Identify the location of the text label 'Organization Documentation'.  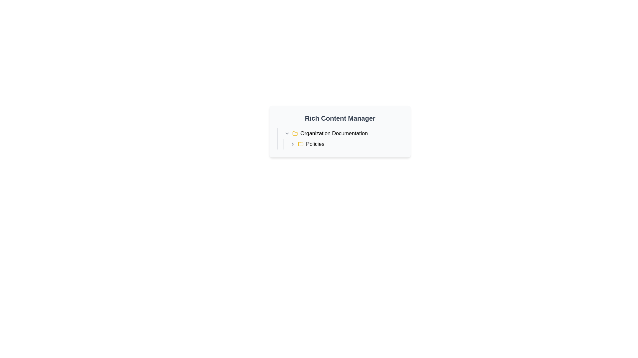
(334, 133).